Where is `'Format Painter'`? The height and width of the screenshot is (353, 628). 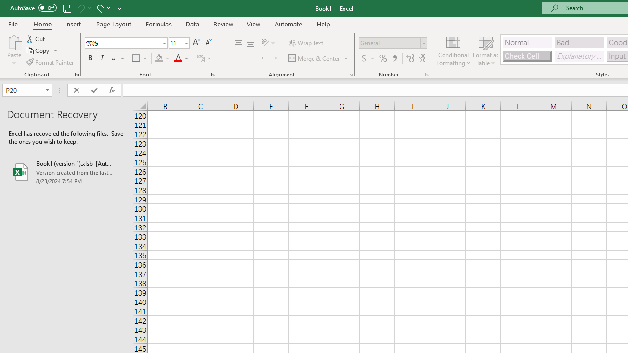 'Format Painter' is located at coordinates (50, 62).